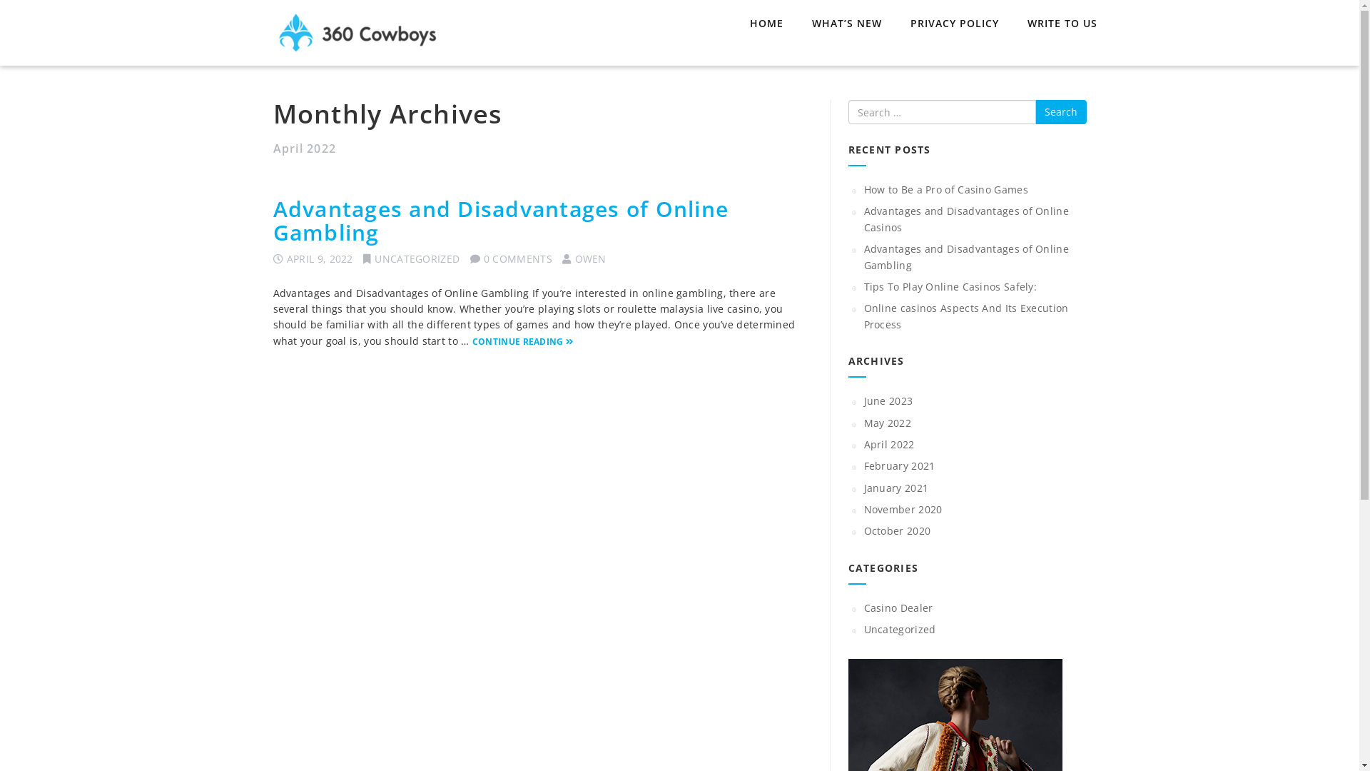 The image size is (1370, 771). I want to click on 'Online casinos Aspects And Its Execution Process', so click(965, 315).